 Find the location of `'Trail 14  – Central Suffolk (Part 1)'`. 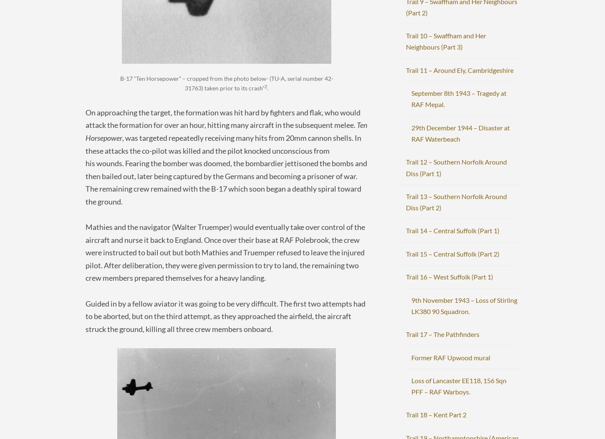

'Trail 14  – Central Suffolk (Part 1)' is located at coordinates (452, 230).